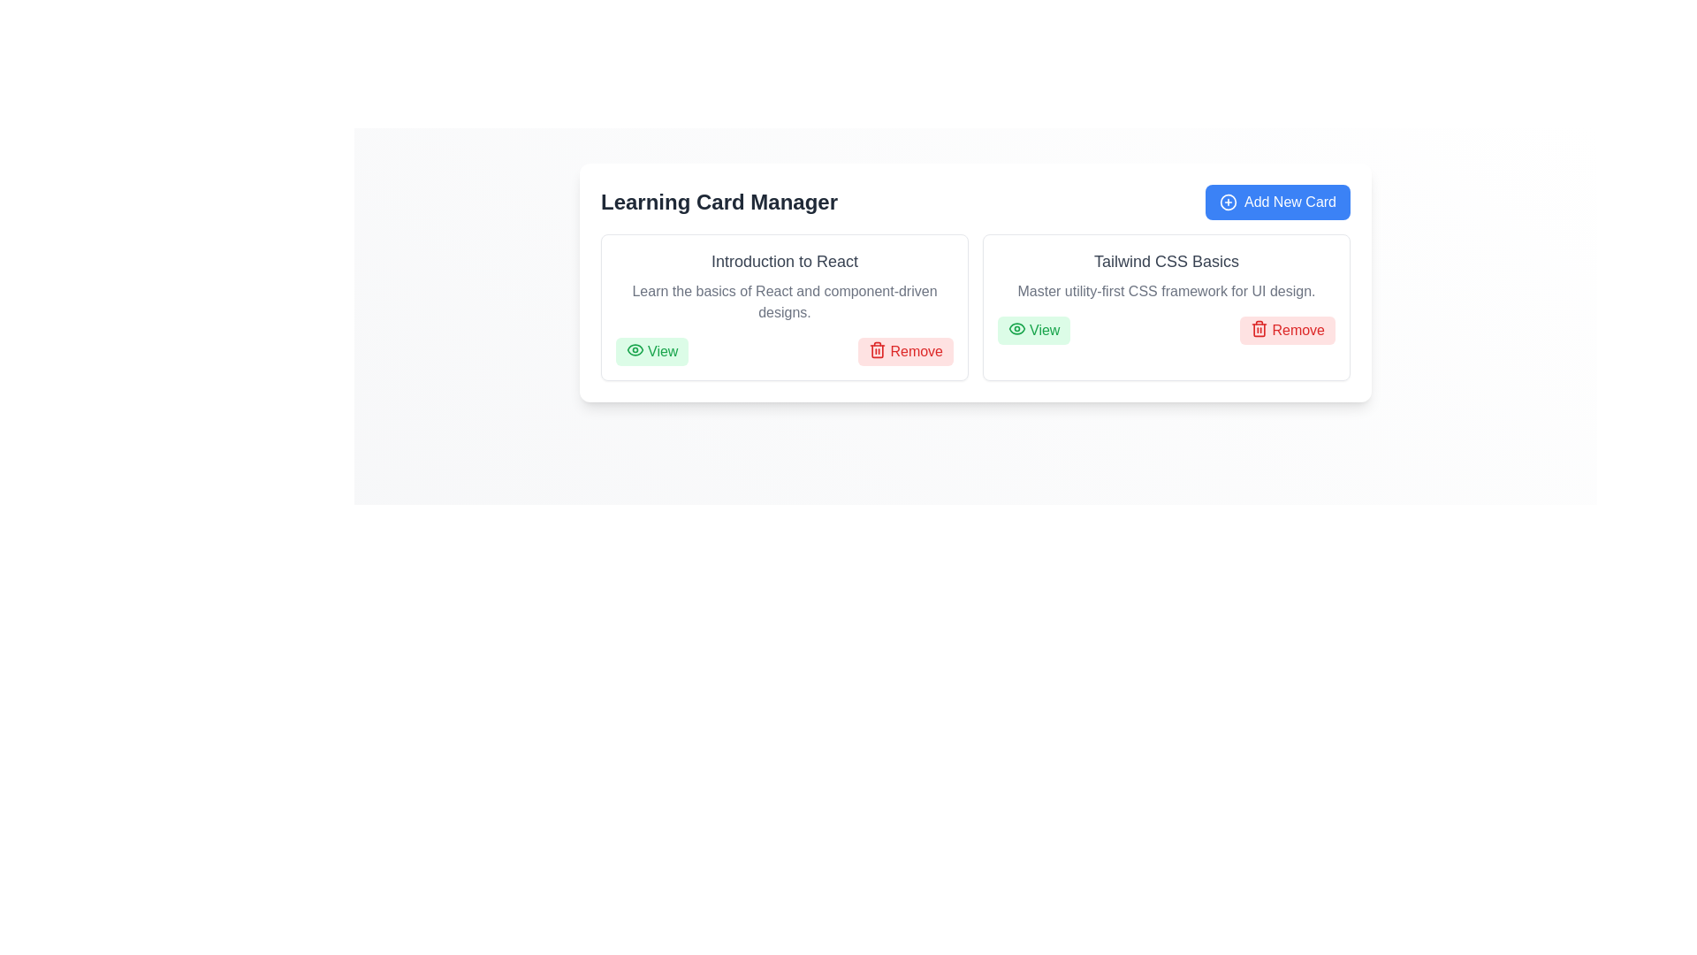  What do you see at coordinates (878, 350) in the screenshot?
I see `the Trash bin icon located within the 'Remove' button on the top card of the grid, which is positioned to the right of the 'View' button` at bounding box center [878, 350].